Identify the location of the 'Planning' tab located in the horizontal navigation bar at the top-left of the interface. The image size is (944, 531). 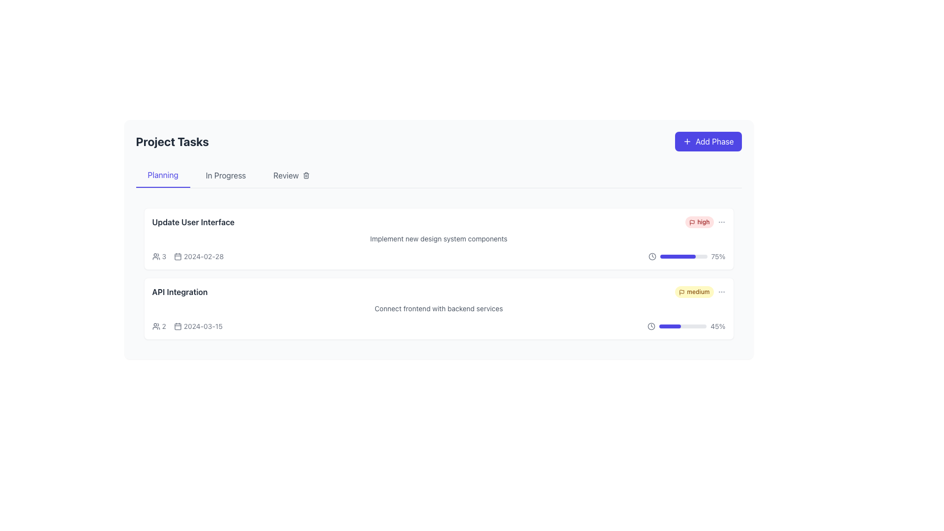
(163, 175).